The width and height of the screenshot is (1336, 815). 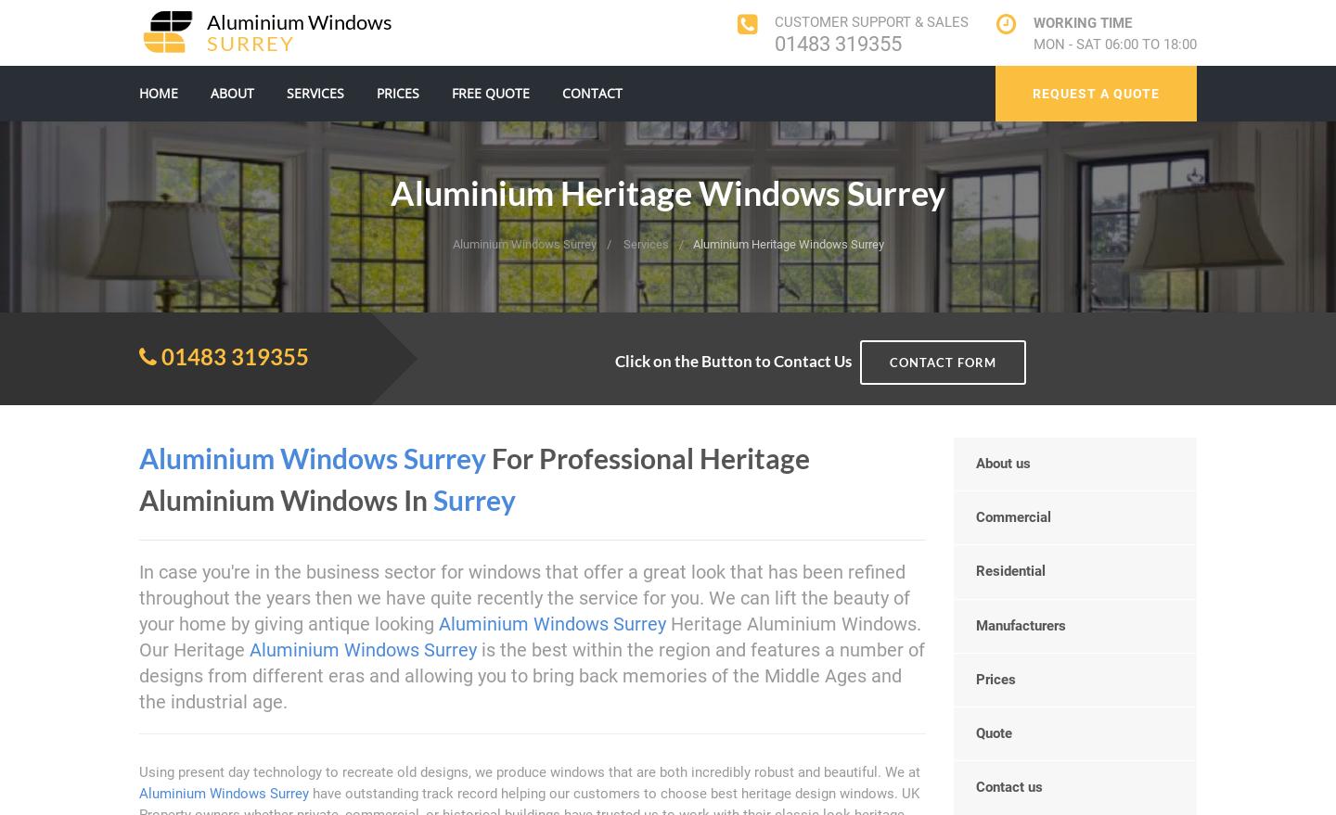 I want to click on 'Click on the Button to Contact Us', so click(x=733, y=360).